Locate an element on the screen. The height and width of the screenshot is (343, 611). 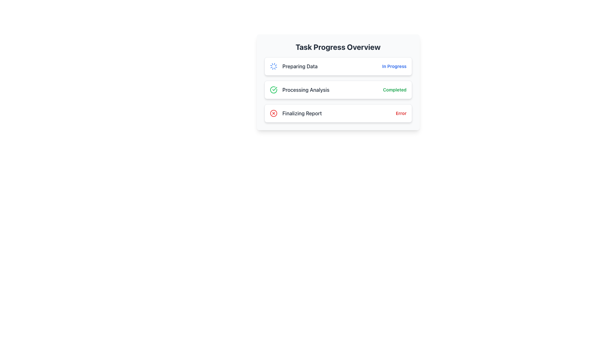
the Spinner that visually indicates a loading action for 'Preparing Data' in the Task Progress Overview is located at coordinates (273, 66).